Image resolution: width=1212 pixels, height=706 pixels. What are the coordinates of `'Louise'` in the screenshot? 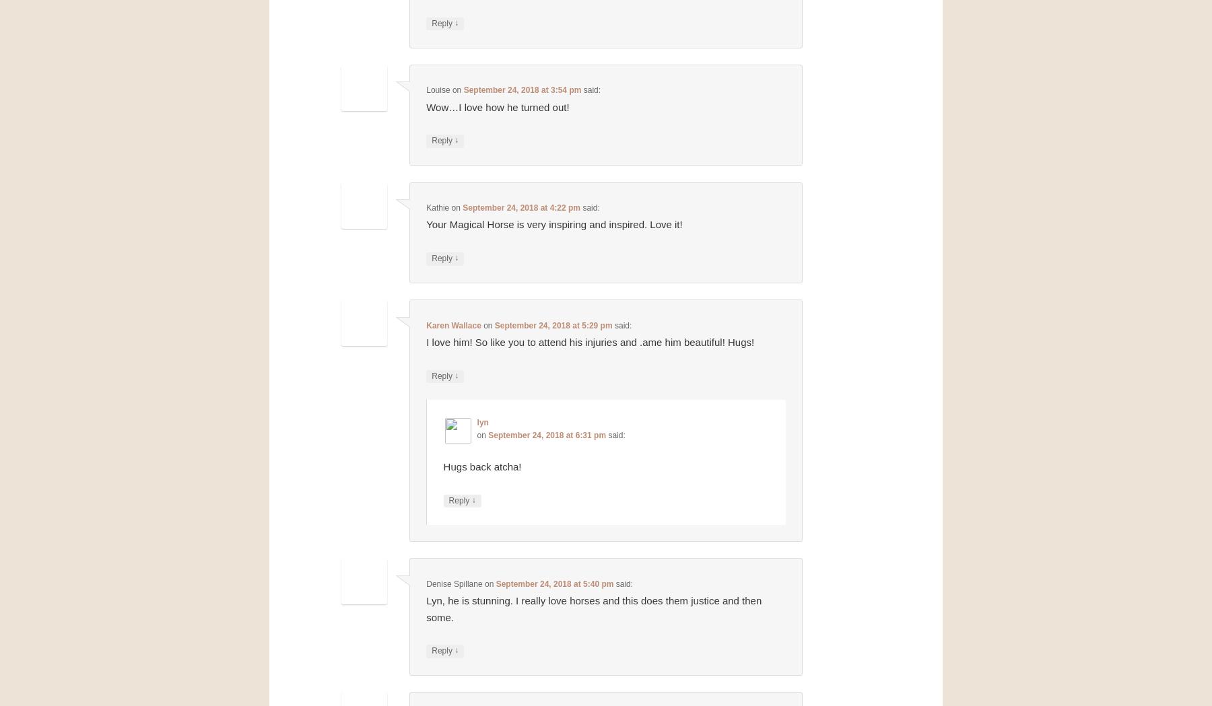 It's located at (438, 90).